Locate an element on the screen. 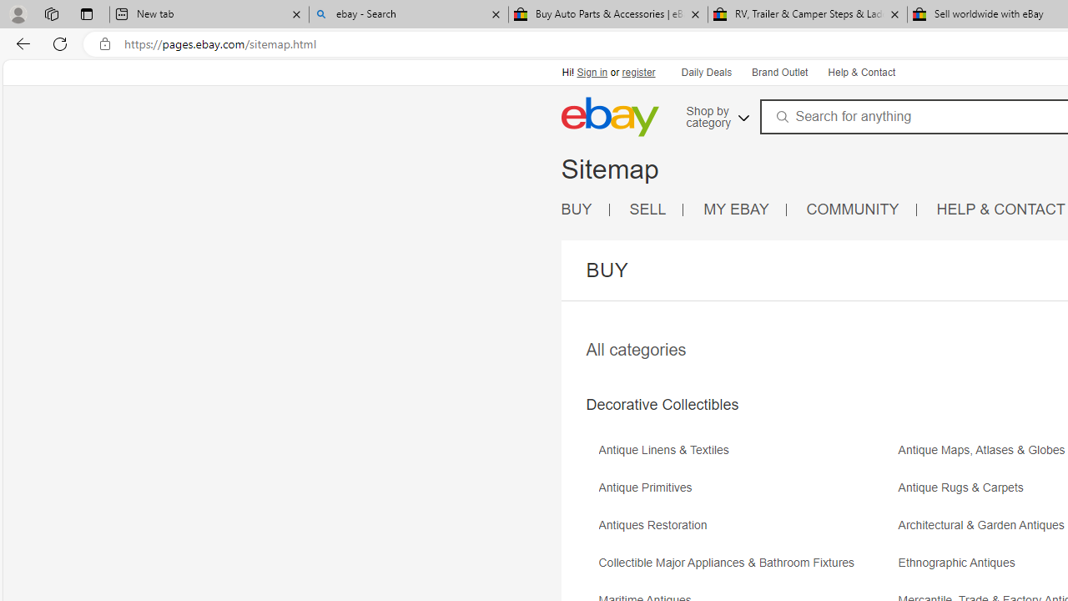 The image size is (1068, 601). 'Decorative Collectibles' is located at coordinates (661, 405).